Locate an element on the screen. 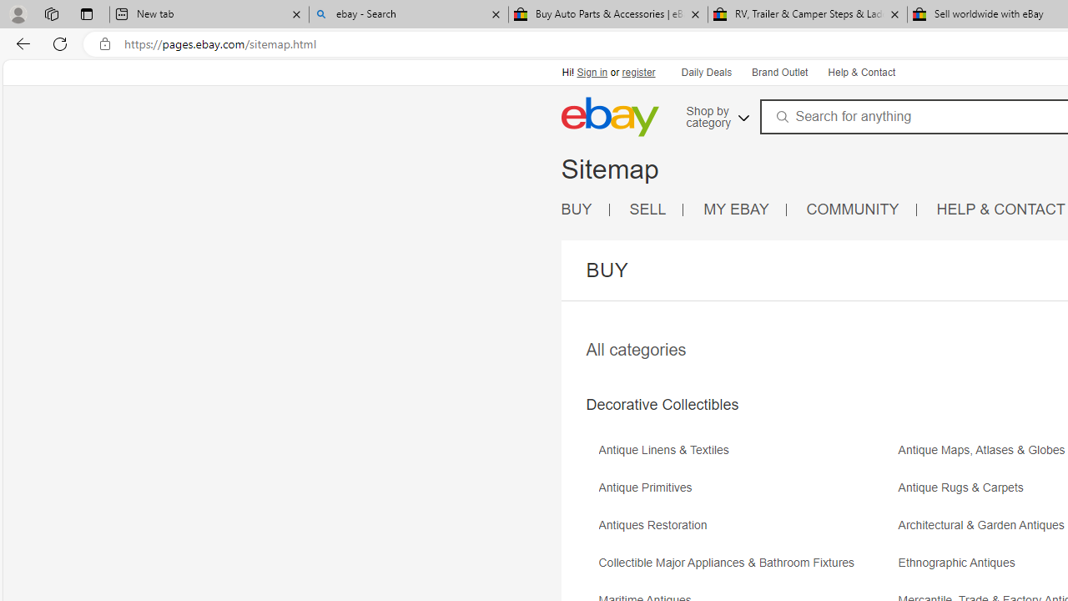 The image size is (1068, 601). 'Decorative Collectibles' is located at coordinates (661, 405).